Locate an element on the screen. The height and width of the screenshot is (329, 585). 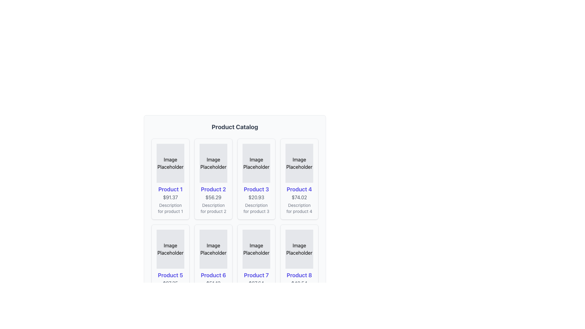
the placeholder element for 'Product 4', which is located at the top-right section of the grid, above the title, price, and description is located at coordinates (299, 163).